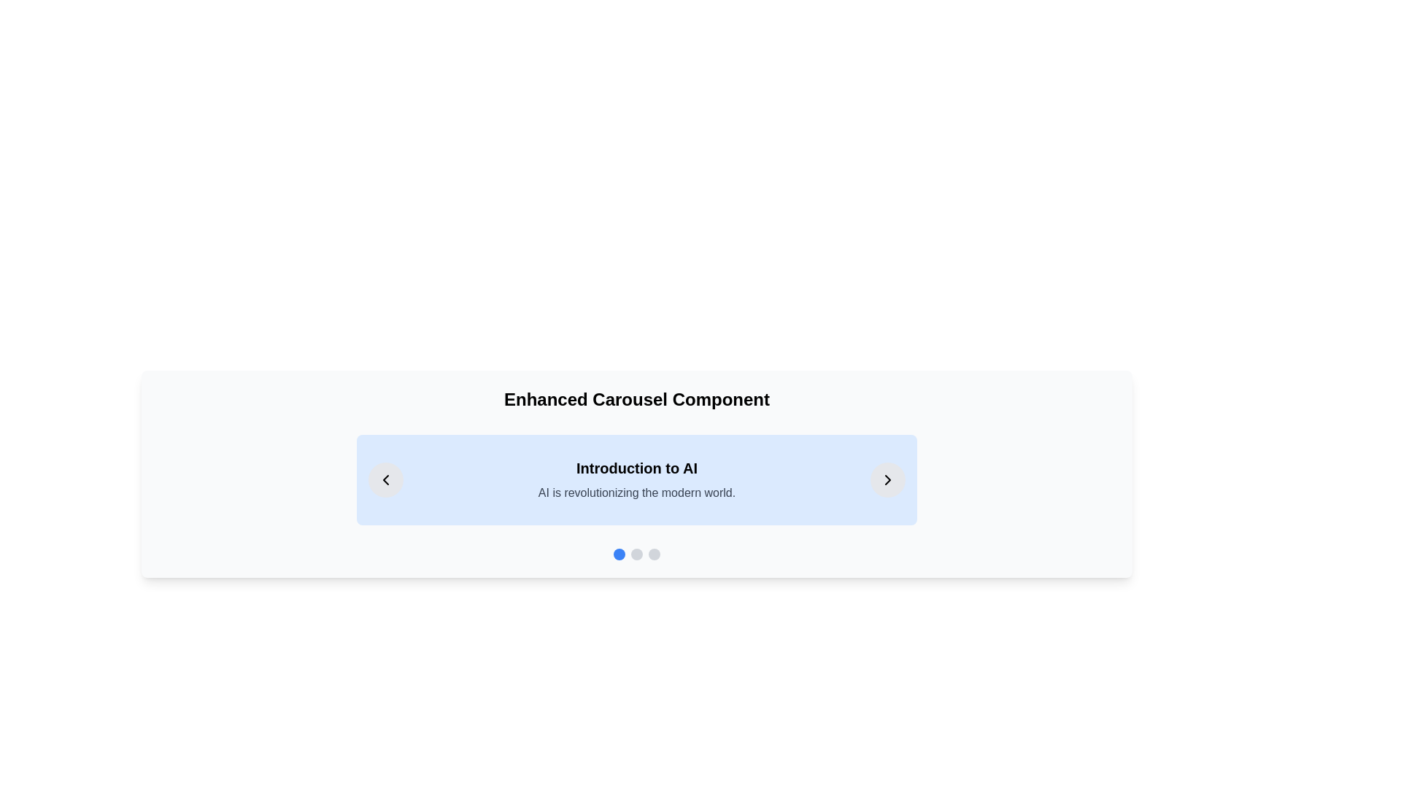 The image size is (1401, 788). What do you see at coordinates (385, 480) in the screenshot?
I see `the chevron-left icon inside the circular button on the left side of the carousel` at bounding box center [385, 480].